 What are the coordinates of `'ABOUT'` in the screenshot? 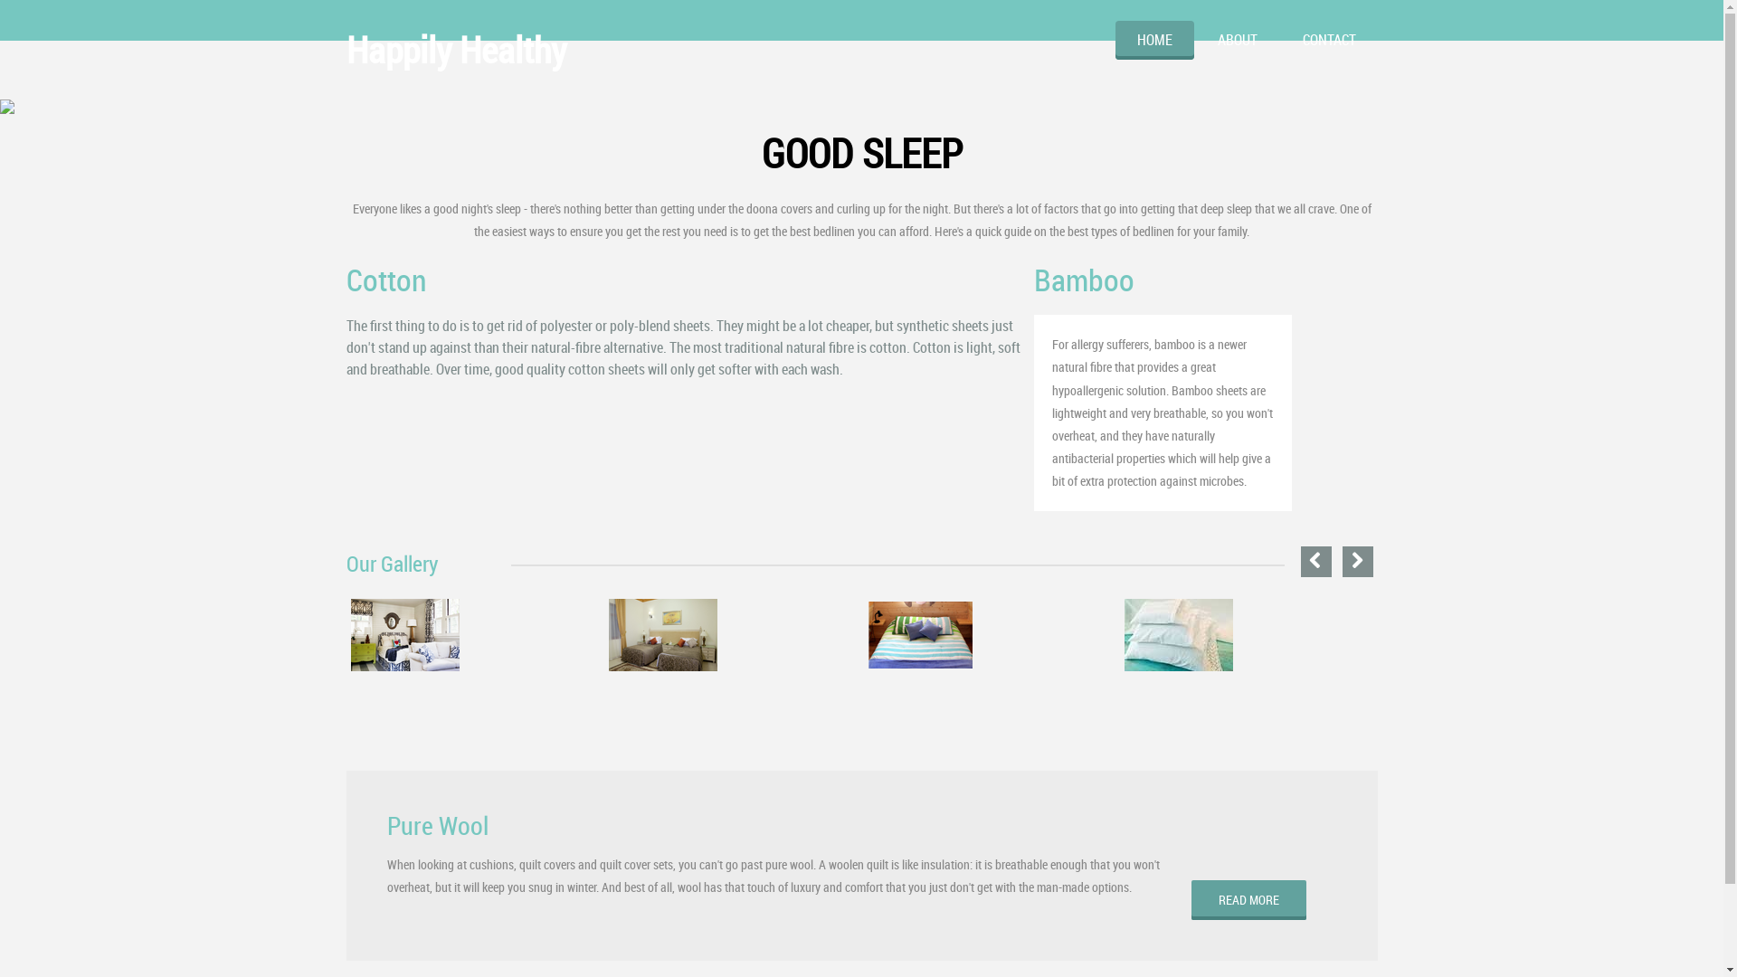 It's located at (1237, 40).